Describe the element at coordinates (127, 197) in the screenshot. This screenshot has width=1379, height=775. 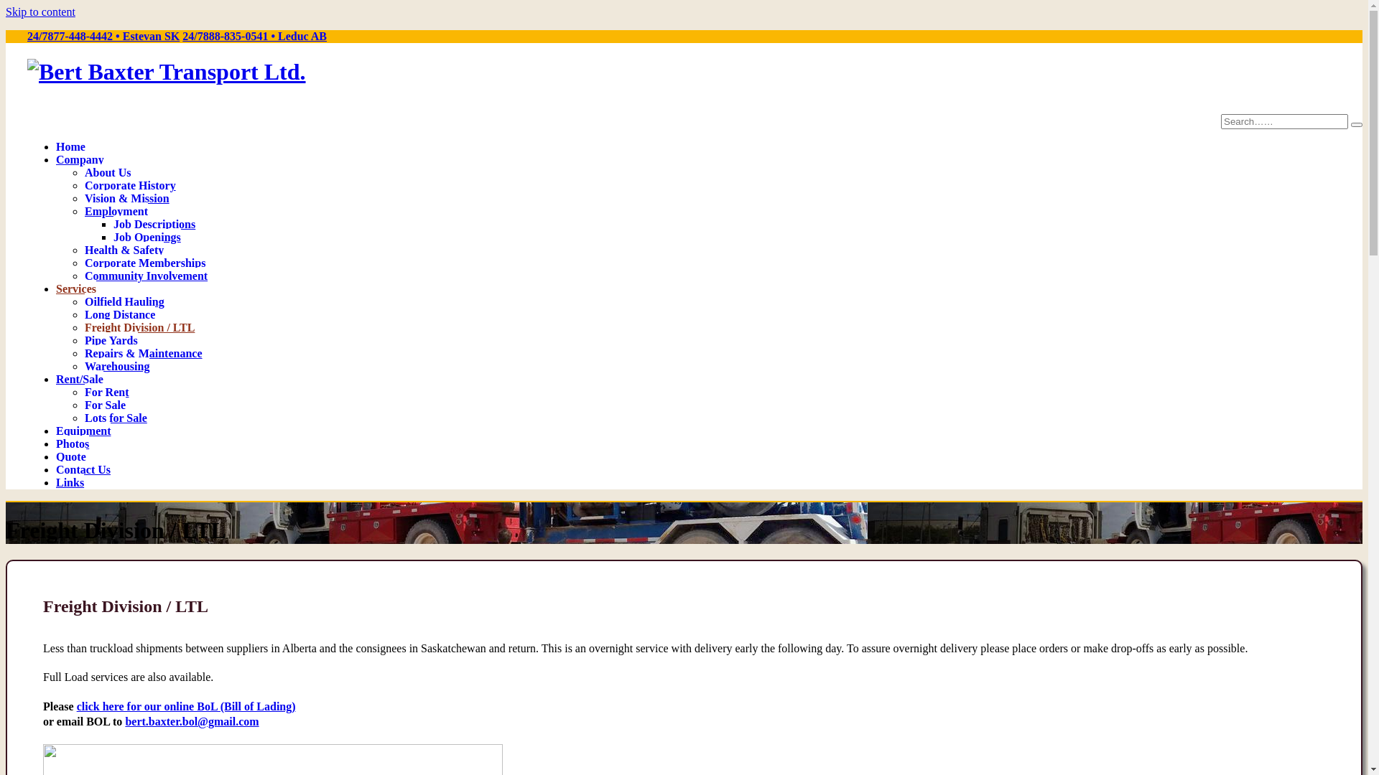
I see `'Vision & Mission'` at that location.